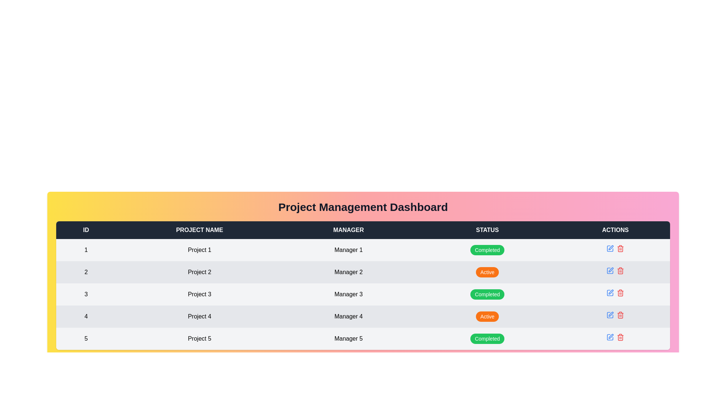 The width and height of the screenshot is (710, 399). Describe the element at coordinates (487, 339) in the screenshot. I see `the button-like label in the STATUS column of the fifth row, which indicates that the project is completed` at that location.